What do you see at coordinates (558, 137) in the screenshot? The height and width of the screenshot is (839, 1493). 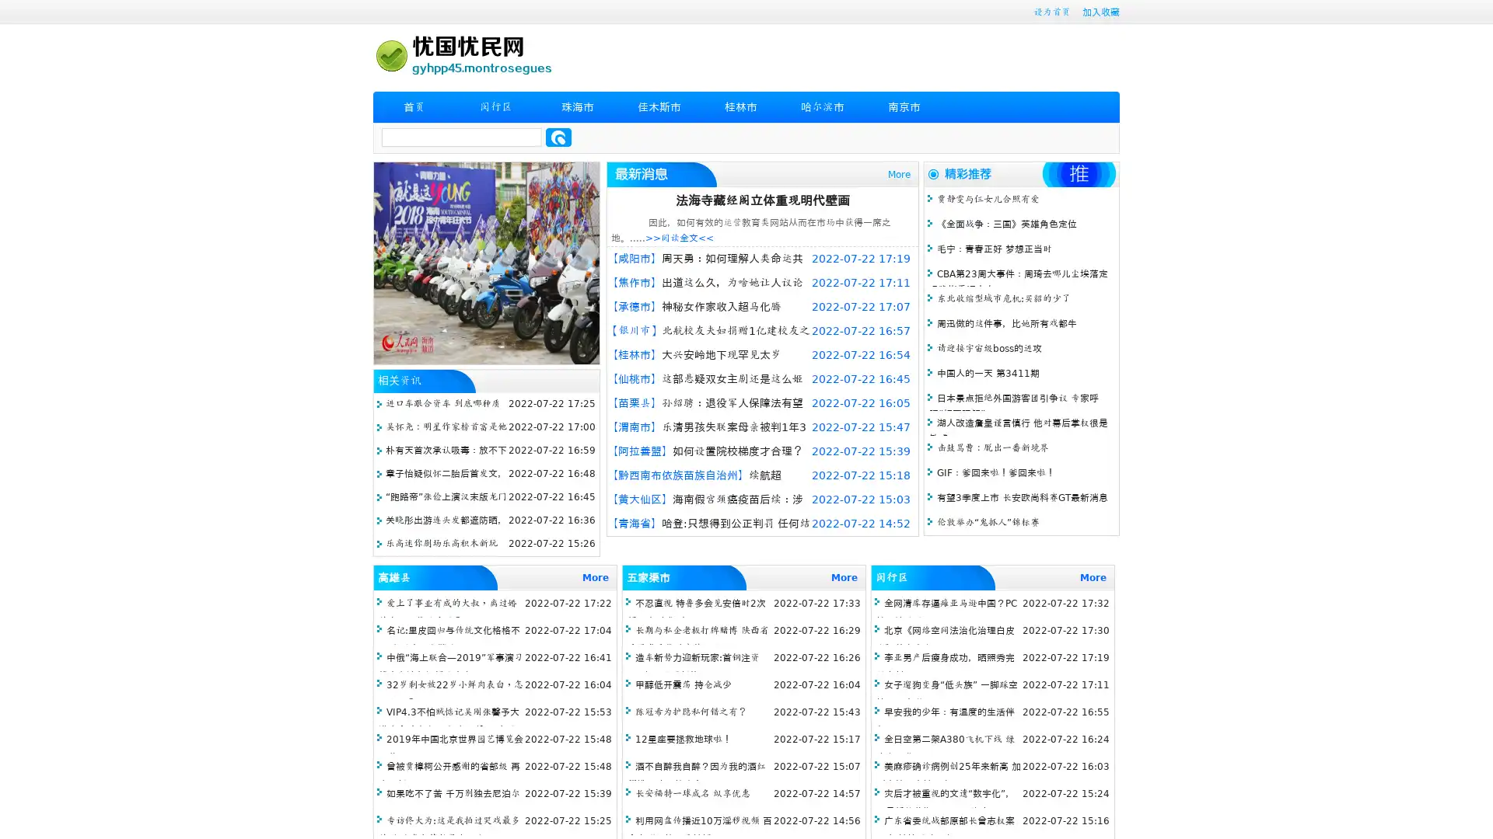 I see `Search` at bounding box center [558, 137].